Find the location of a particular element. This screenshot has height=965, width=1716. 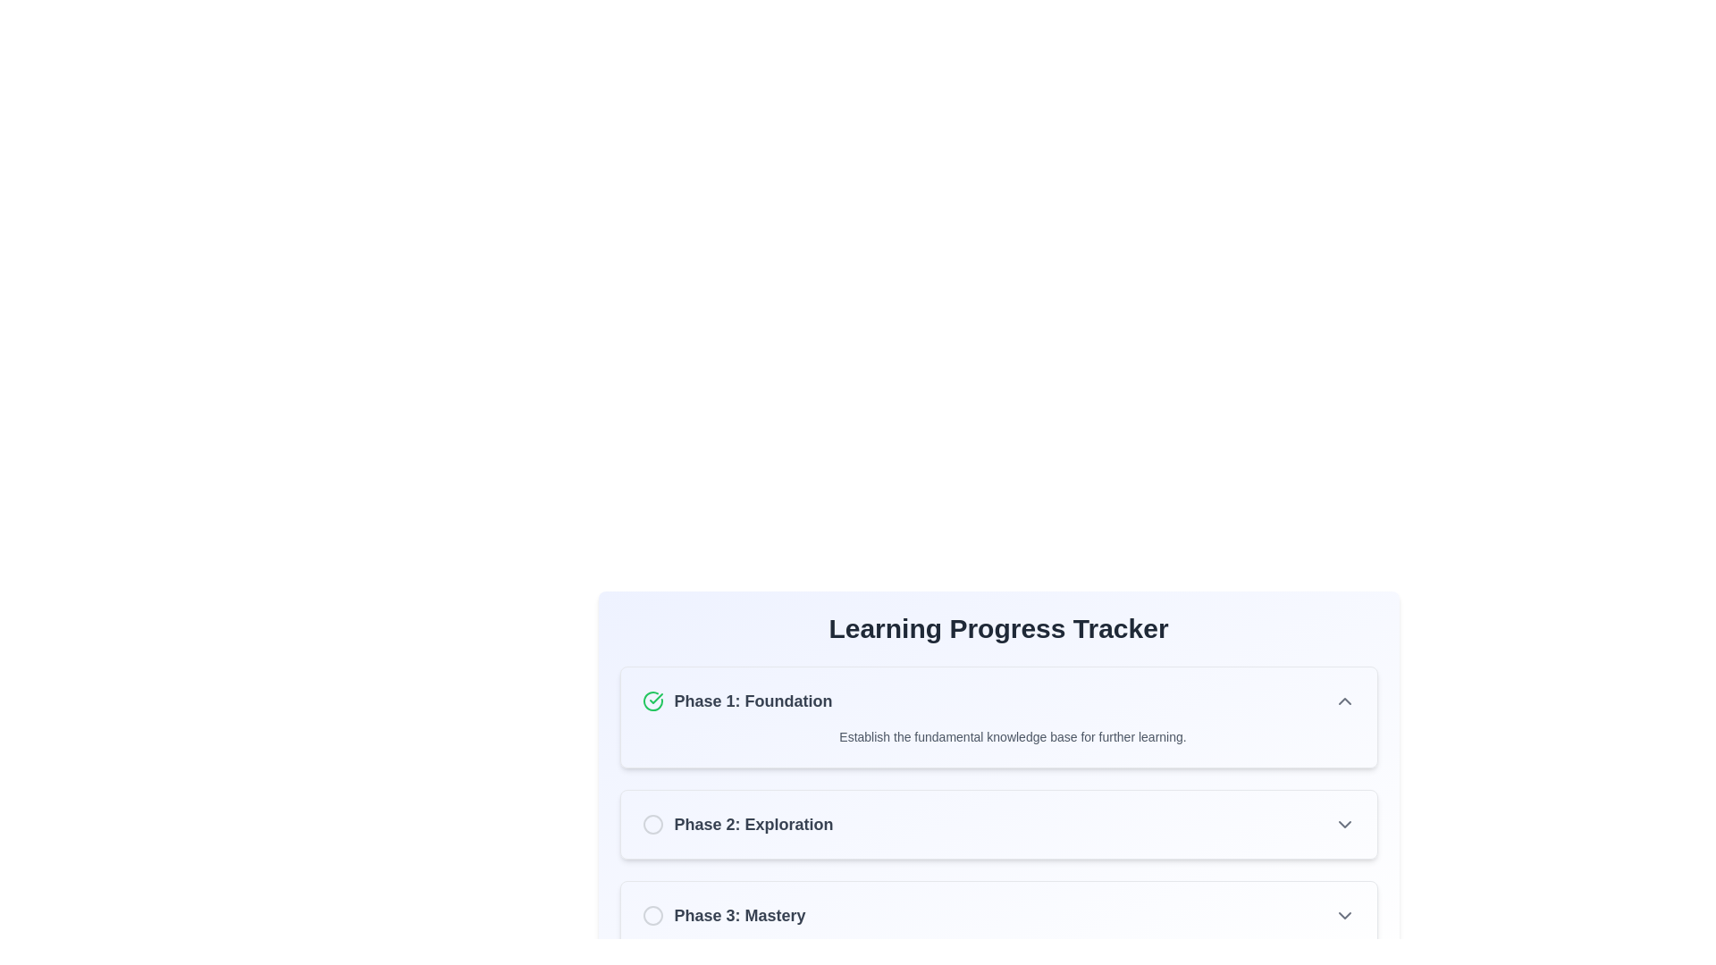

text of the first progress step labeled 'Phase 1: Foundation' which is marked as completed with a checkmark icon in the Learning Progress Tracker is located at coordinates (737, 701).